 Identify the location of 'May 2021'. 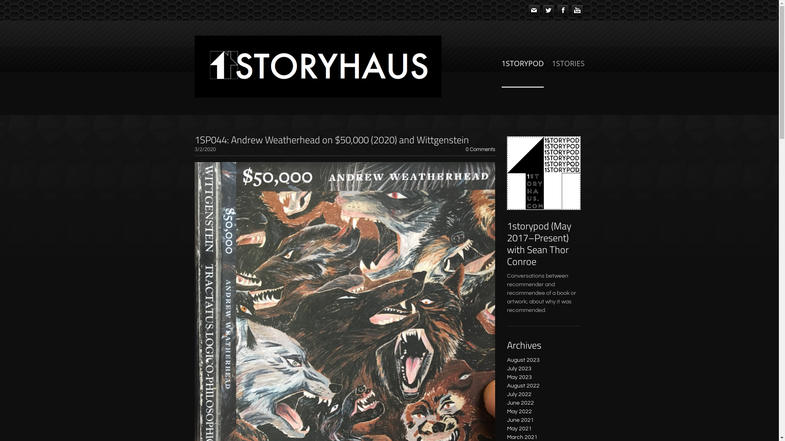
(519, 428).